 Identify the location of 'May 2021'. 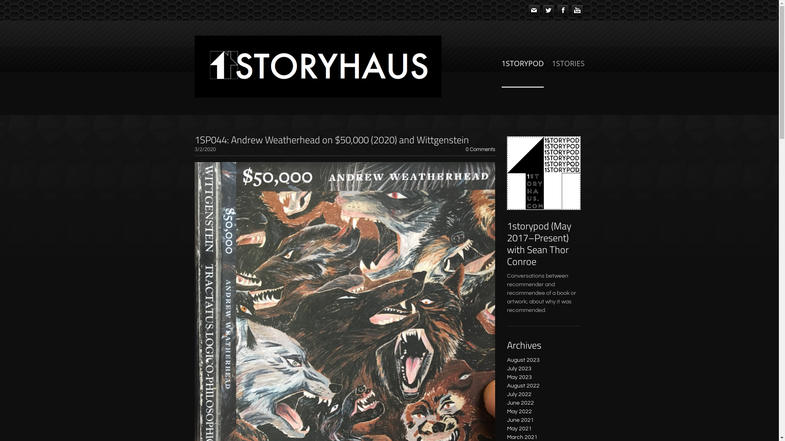
(519, 428).